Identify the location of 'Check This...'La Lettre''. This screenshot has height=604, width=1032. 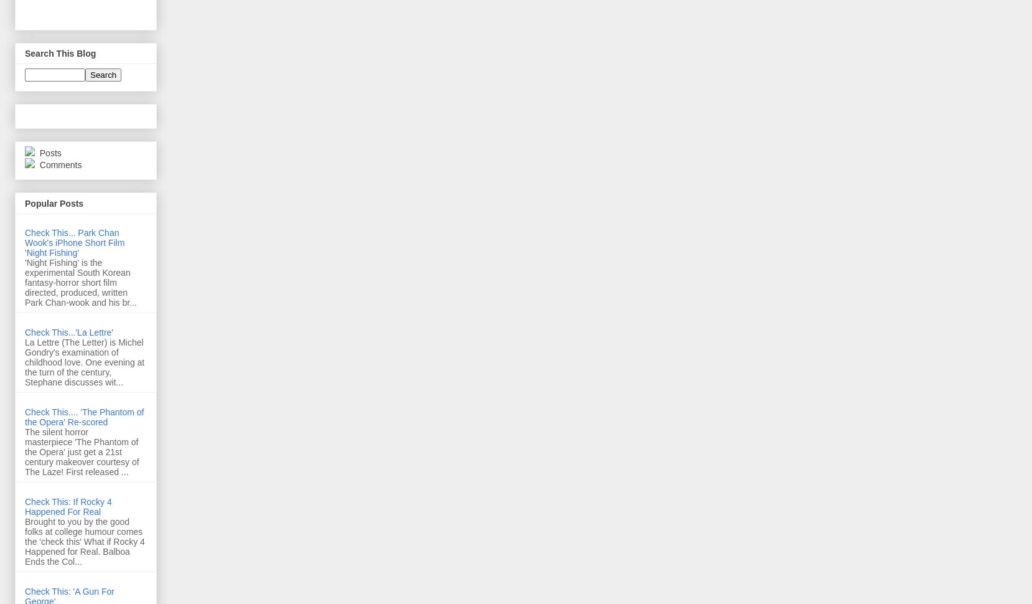
(68, 332).